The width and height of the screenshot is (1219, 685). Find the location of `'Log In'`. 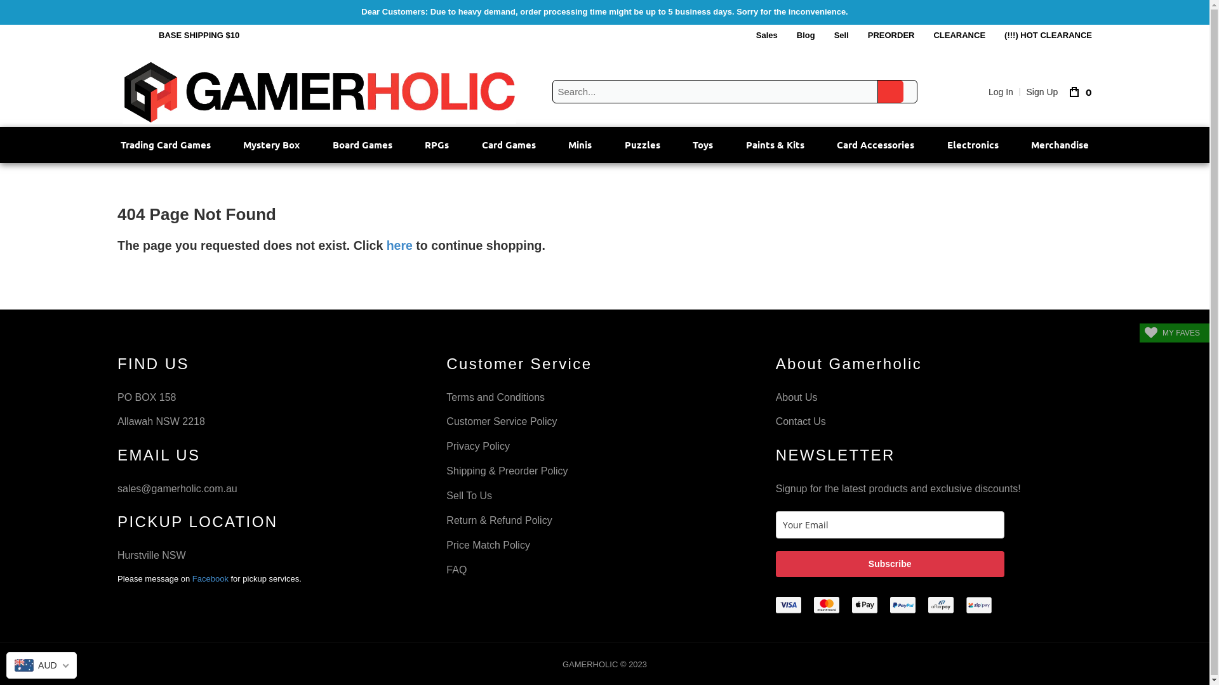

'Log In' is located at coordinates (1000, 91).